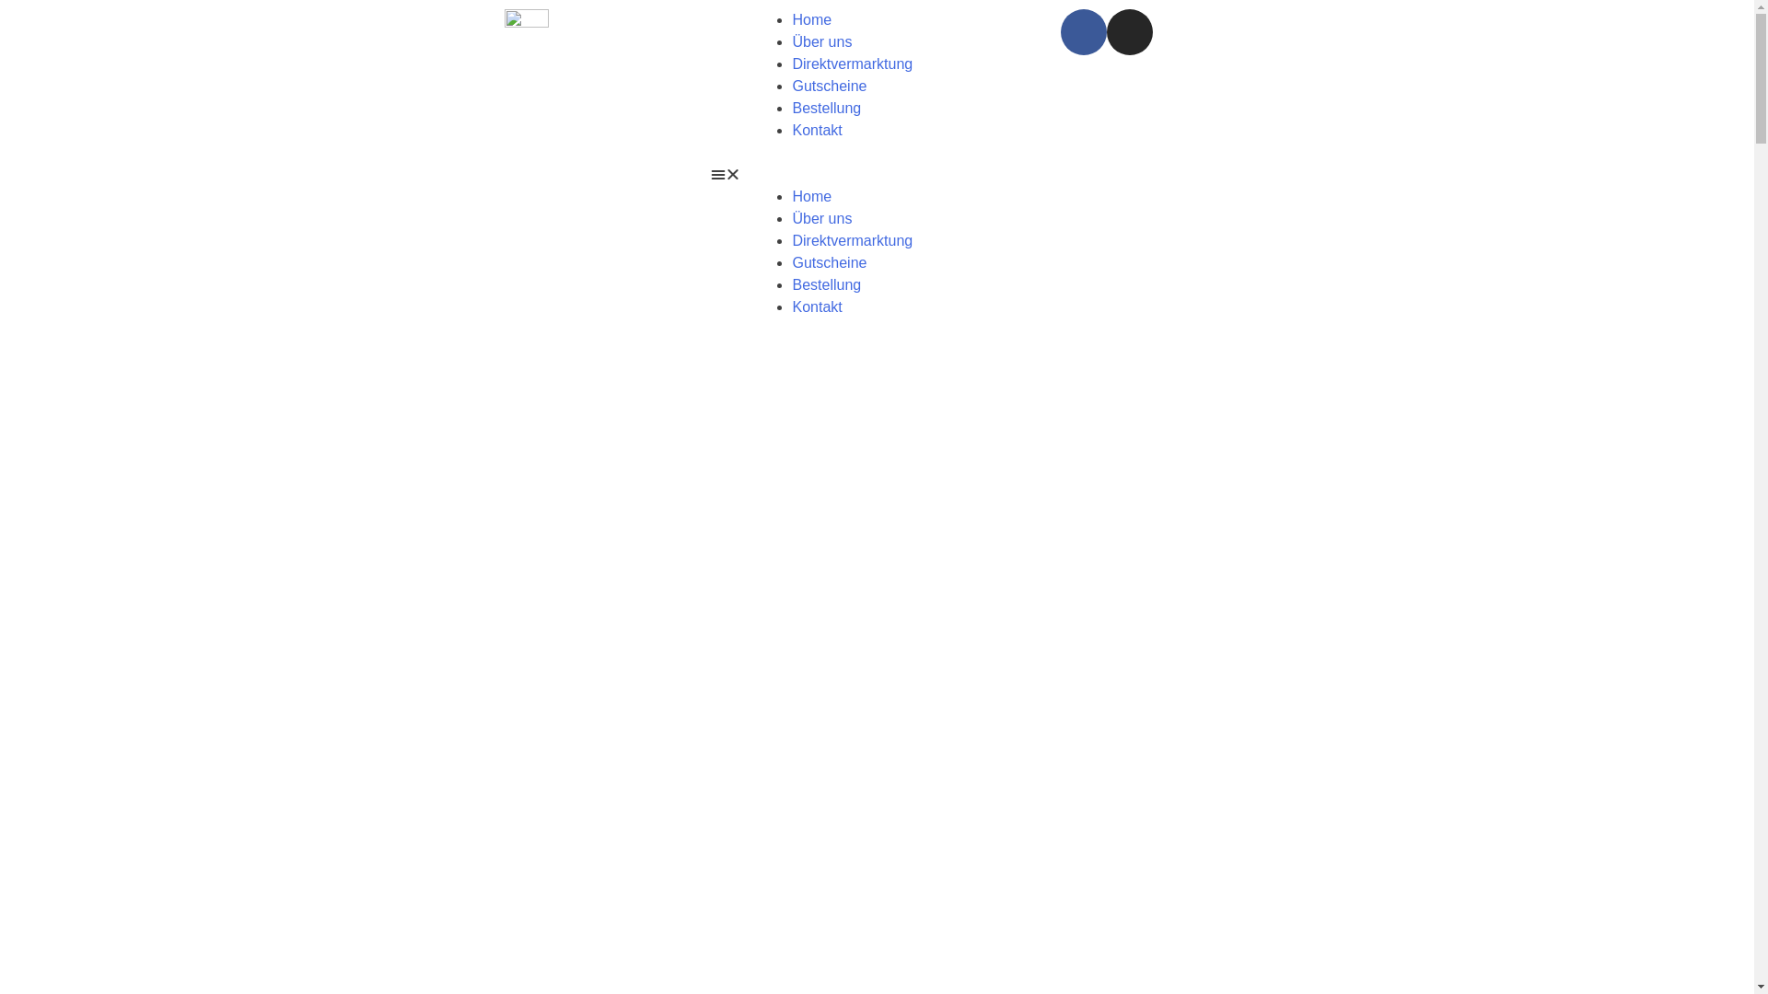 The width and height of the screenshot is (1768, 994). Describe the element at coordinates (851, 63) in the screenshot. I see `'Direktvermarktung'` at that location.